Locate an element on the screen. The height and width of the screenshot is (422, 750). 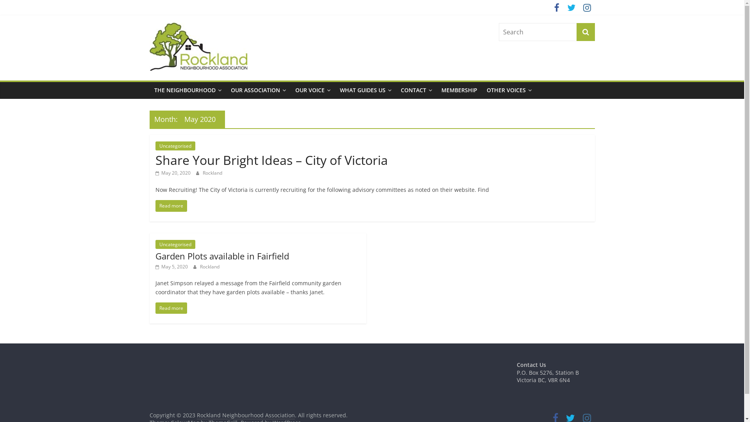
'MEMBERSHIP' is located at coordinates (459, 90).